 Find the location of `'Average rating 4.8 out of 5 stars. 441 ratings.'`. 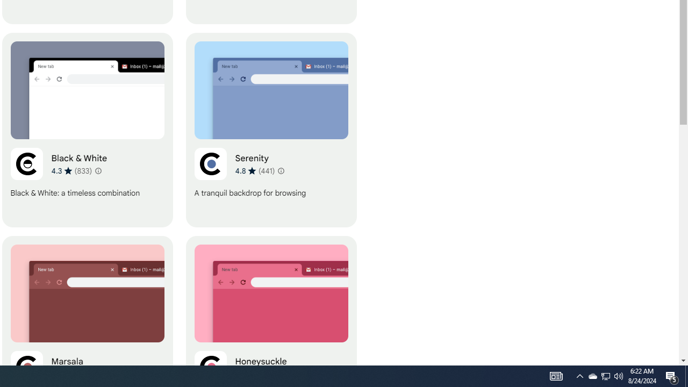

'Average rating 4.8 out of 5 stars. 441 ratings.' is located at coordinates (254, 170).